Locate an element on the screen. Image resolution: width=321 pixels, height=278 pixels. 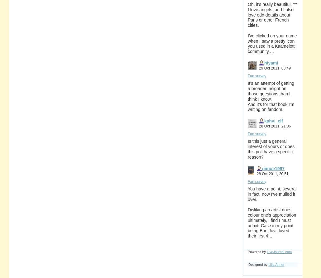
'Disliking an artist does colour one's appreciation ultimately, I find I must admit. Case in my point being Bon Jovi; loved their first 4…' is located at coordinates (272, 223).